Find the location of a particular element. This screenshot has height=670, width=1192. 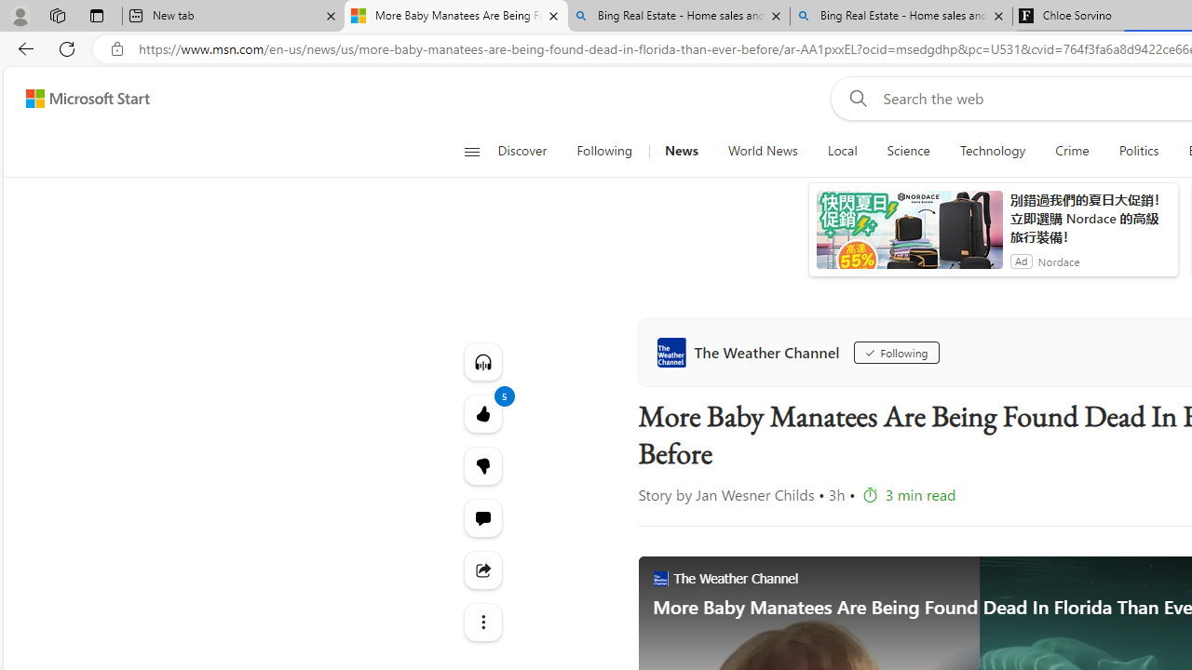

'Politics' is located at coordinates (1138, 151).